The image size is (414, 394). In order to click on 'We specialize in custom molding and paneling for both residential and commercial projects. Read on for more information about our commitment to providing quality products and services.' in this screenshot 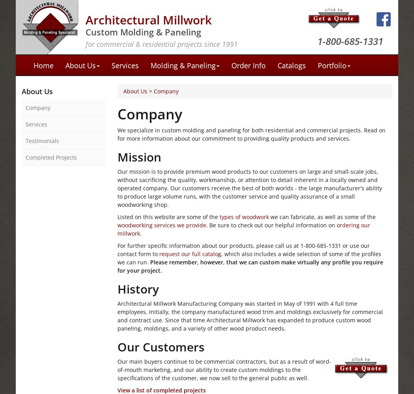, I will do `click(251, 134)`.